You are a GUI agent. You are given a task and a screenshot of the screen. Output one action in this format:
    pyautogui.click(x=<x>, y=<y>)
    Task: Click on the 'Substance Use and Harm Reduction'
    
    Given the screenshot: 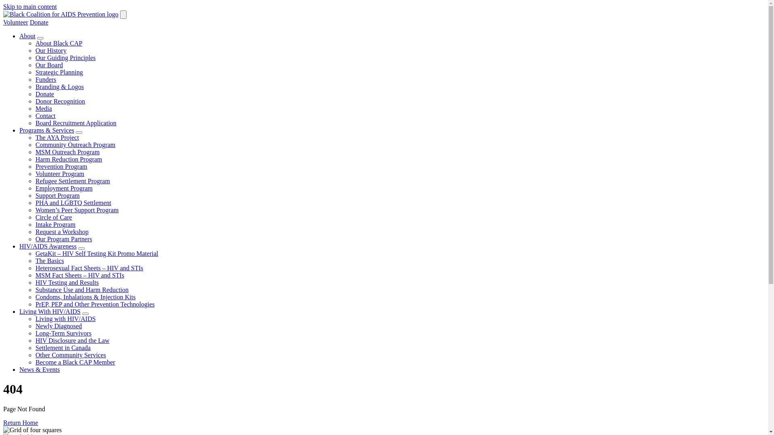 What is the action you would take?
    pyautogui.click(x=35, y=289)
    